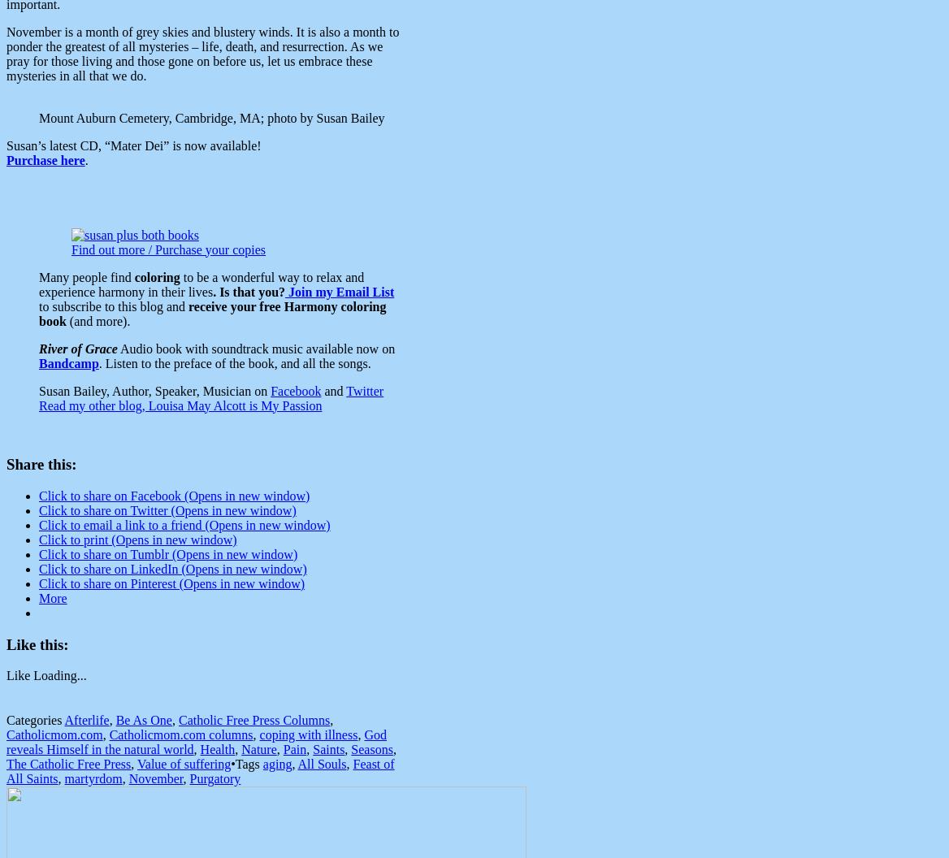 This screenshot has height=858, width=949. I want to click on 'Click to print (Opens in new window)', so click(137, 539).